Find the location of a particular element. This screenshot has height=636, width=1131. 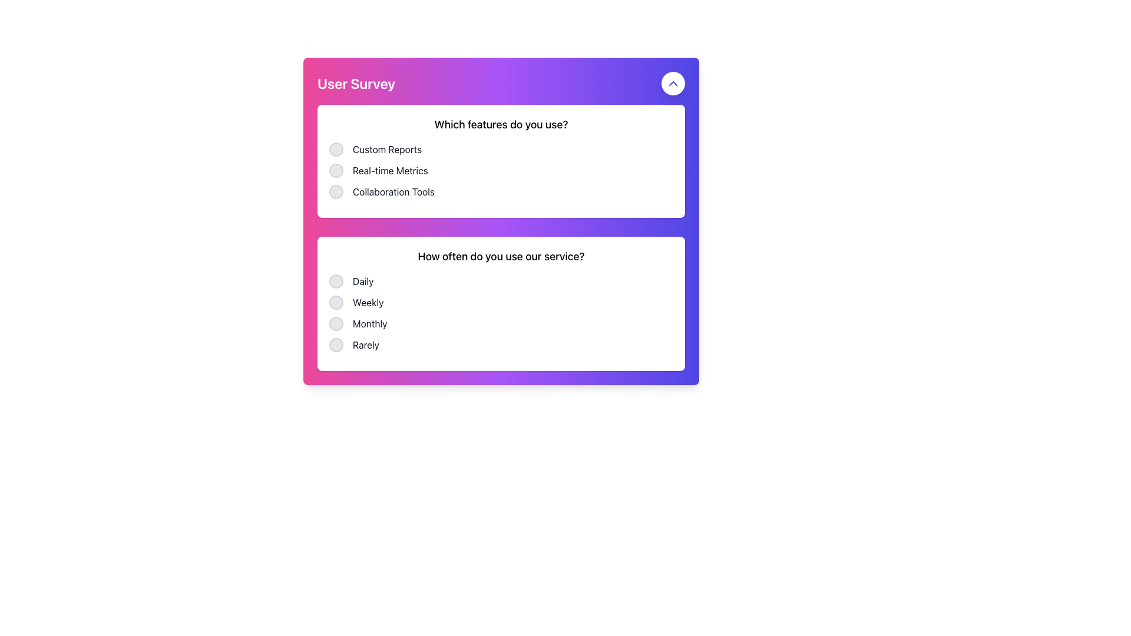

the first radio button option labeled 'Weekly' in the survey question 'How often do you use our service?' is located at coordinates (336, 302).